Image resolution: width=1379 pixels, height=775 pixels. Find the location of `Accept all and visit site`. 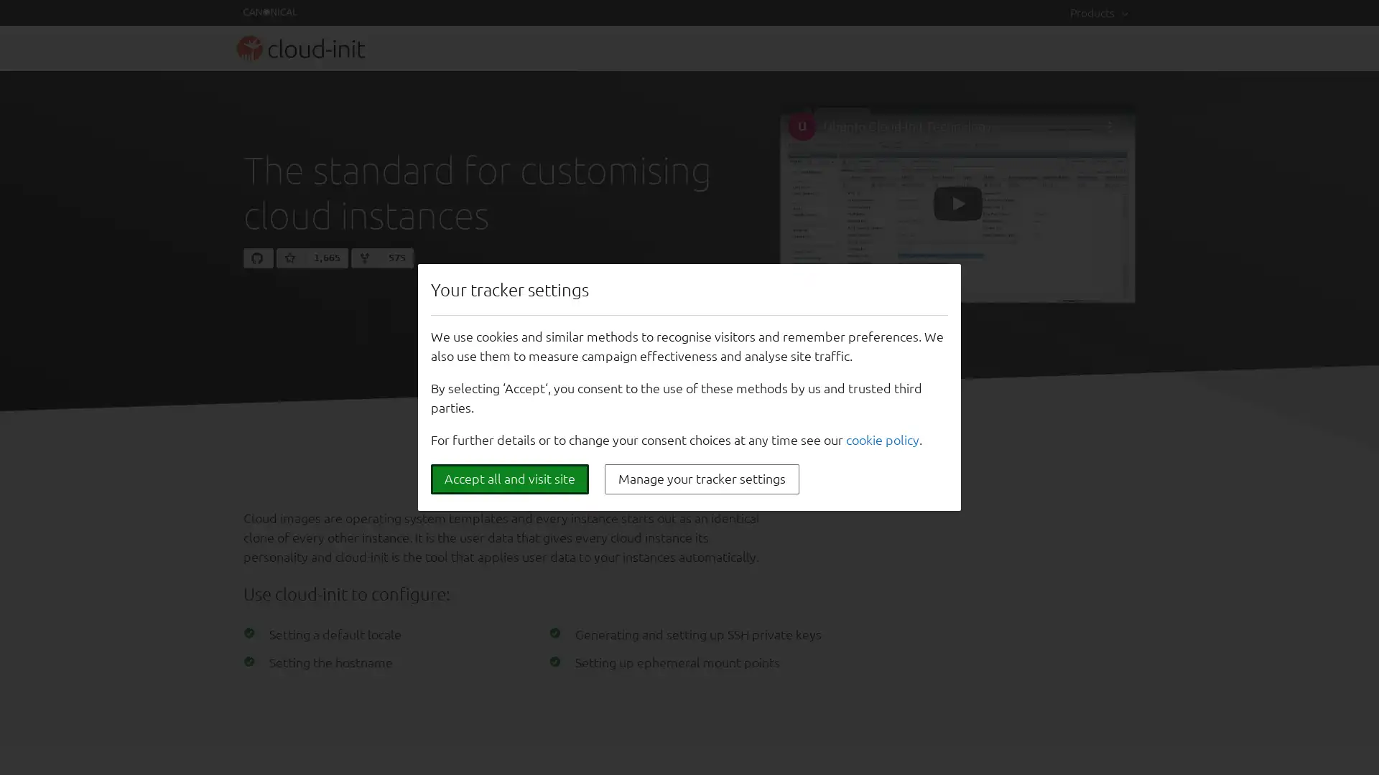

Accept all and visit site is located at coordinates (510, 479).